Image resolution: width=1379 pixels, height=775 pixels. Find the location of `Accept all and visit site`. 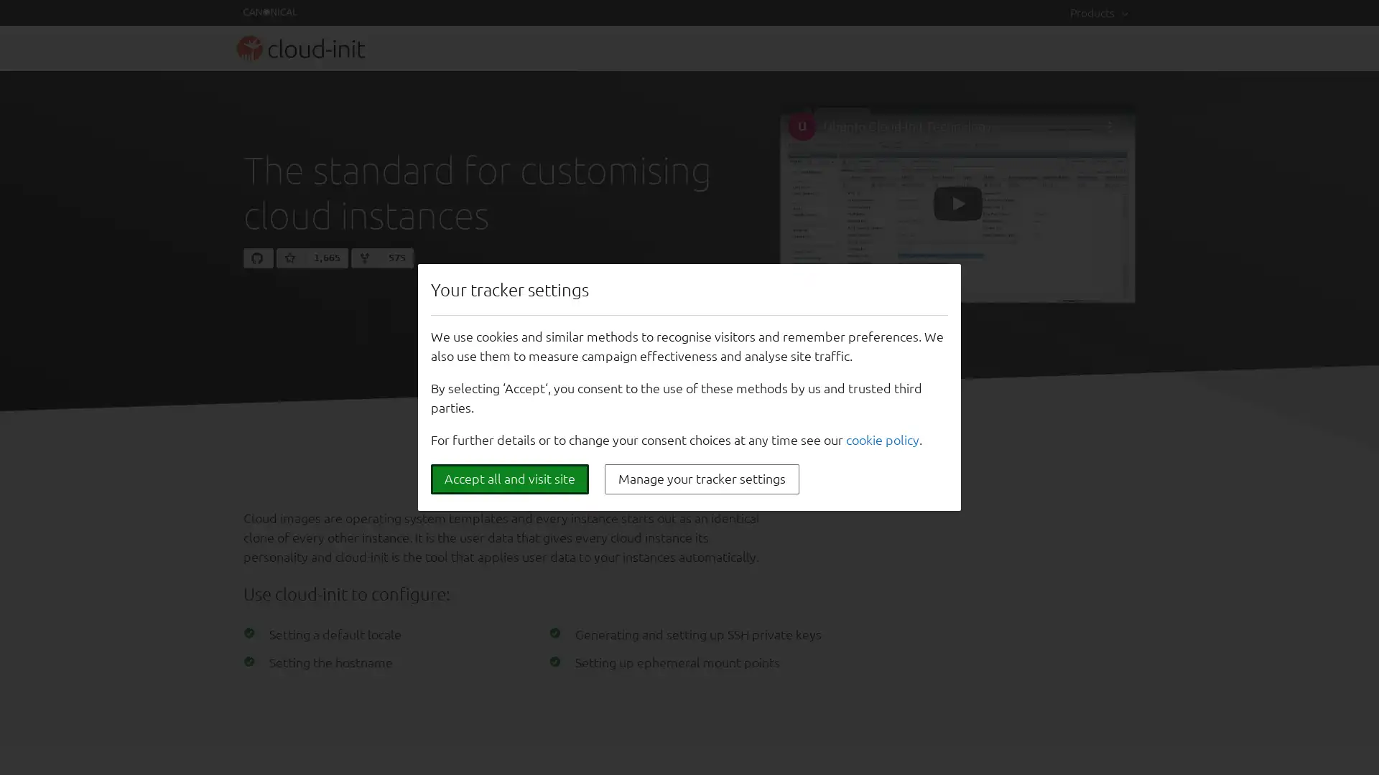

Accept all and visit site is located at coordinates (510, 479).